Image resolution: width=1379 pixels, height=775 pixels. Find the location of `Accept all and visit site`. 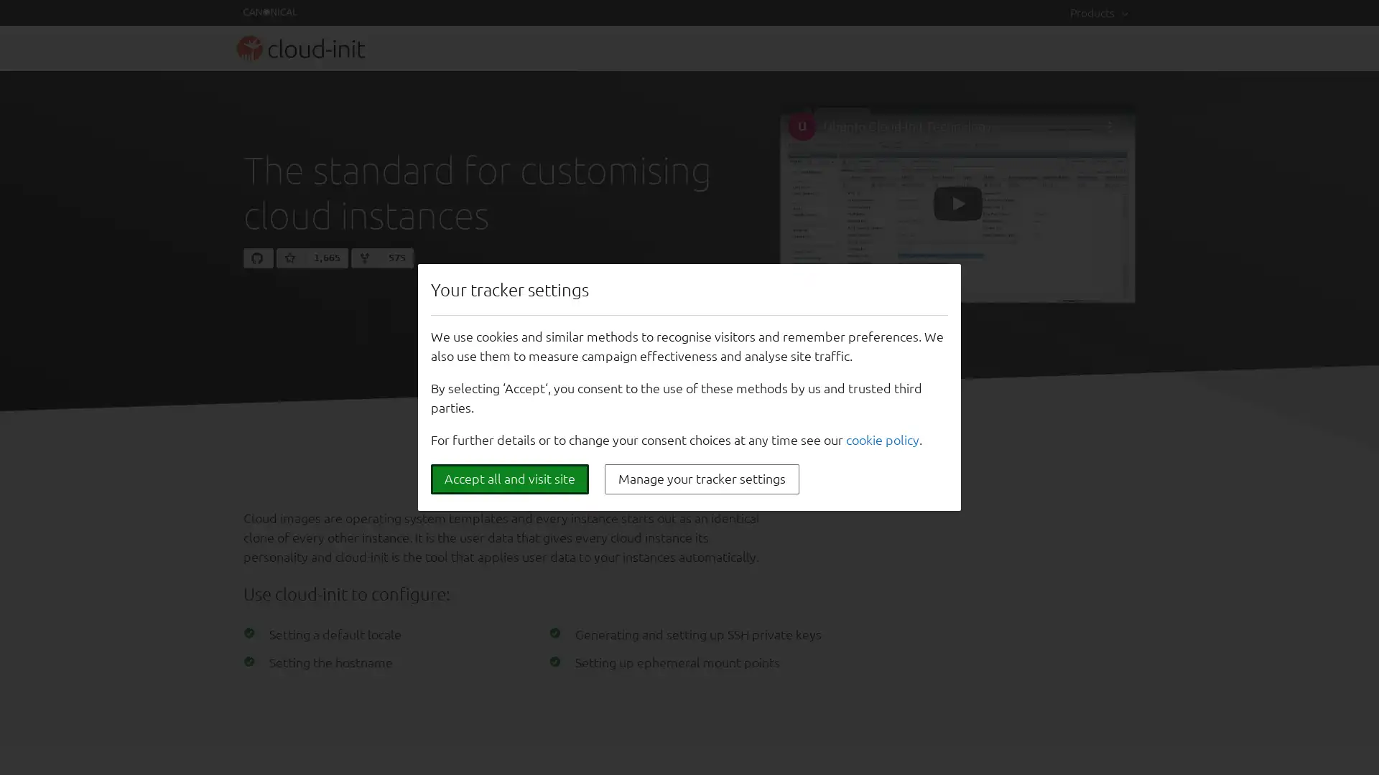

Accept all and visit site is located at coordinates (510, 479).